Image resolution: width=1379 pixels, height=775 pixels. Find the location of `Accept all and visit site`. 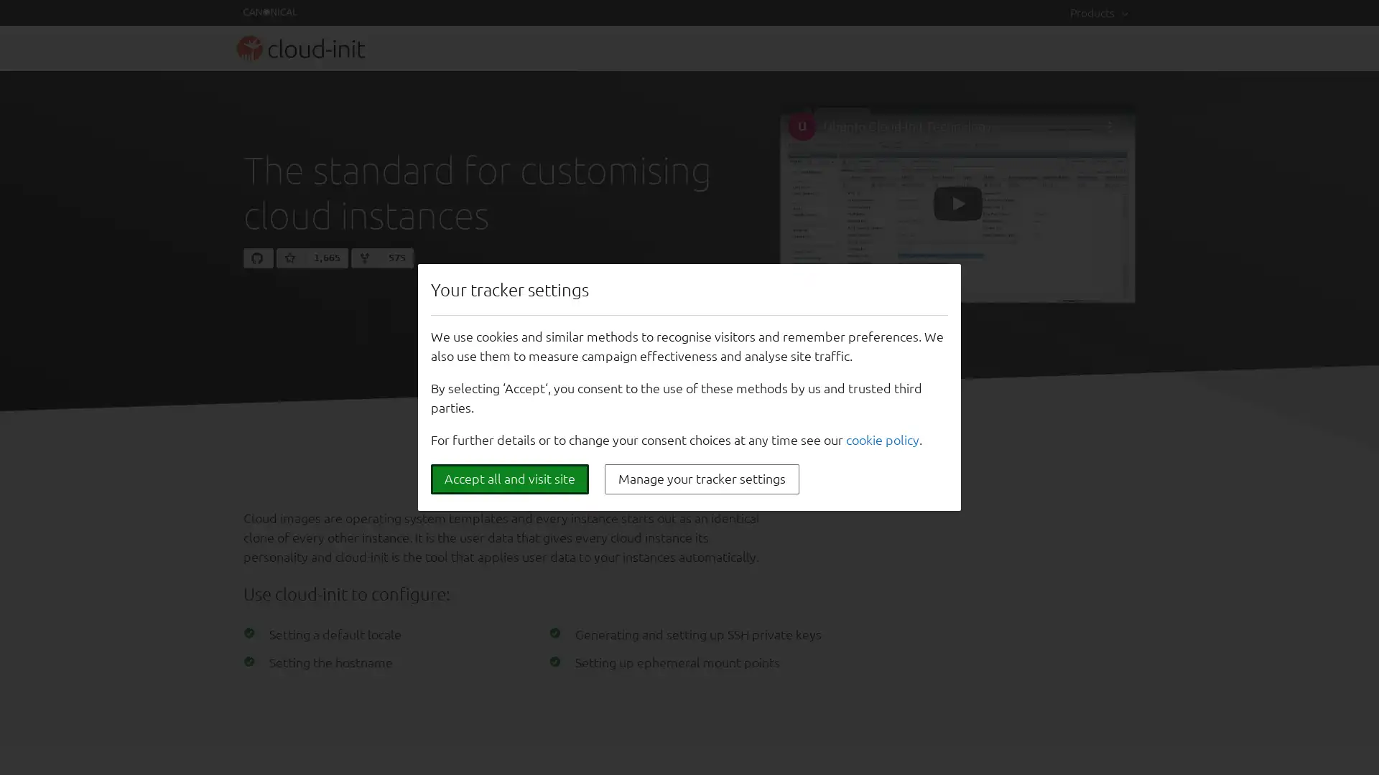

Accept all and visit site is located at coordinates (510, 479).